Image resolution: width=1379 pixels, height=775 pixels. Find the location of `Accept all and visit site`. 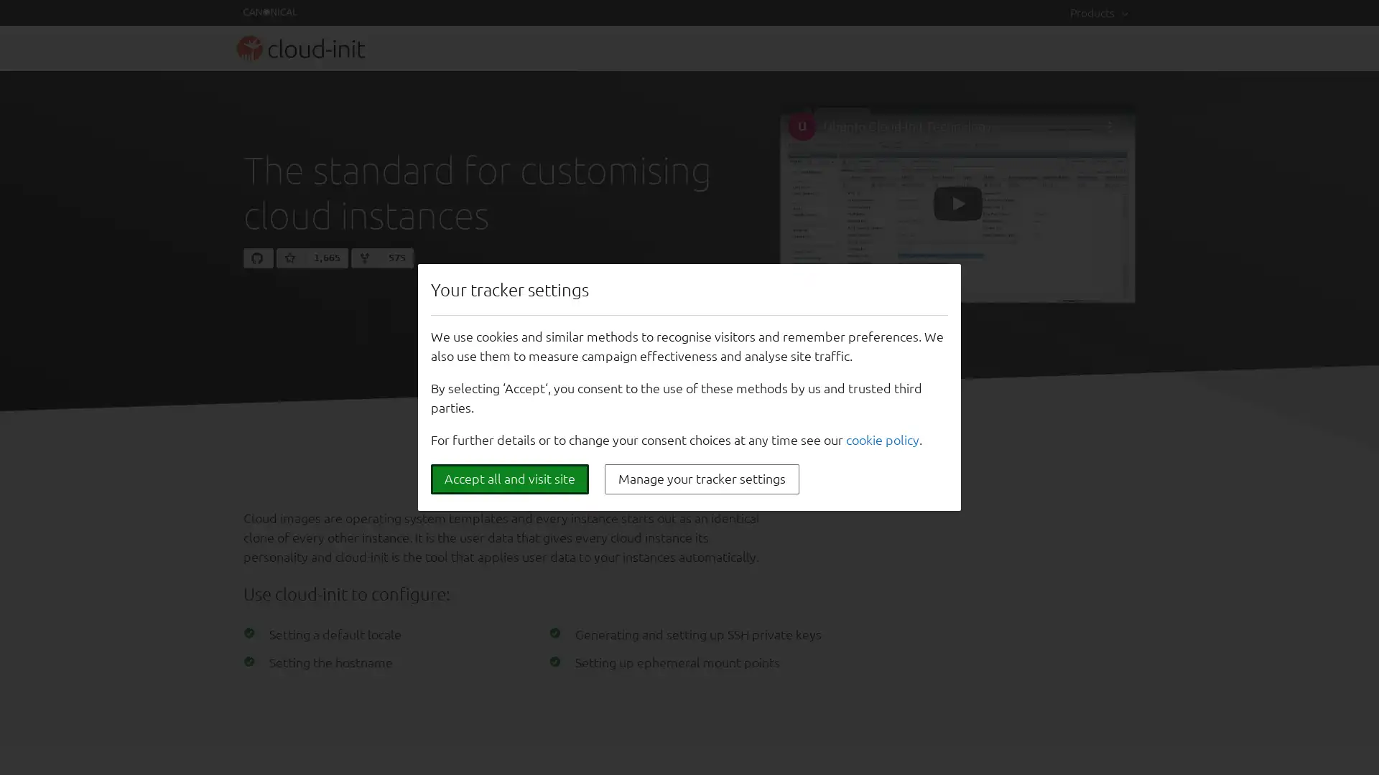

Accept all and visit site is located at coordinates (510, 479).